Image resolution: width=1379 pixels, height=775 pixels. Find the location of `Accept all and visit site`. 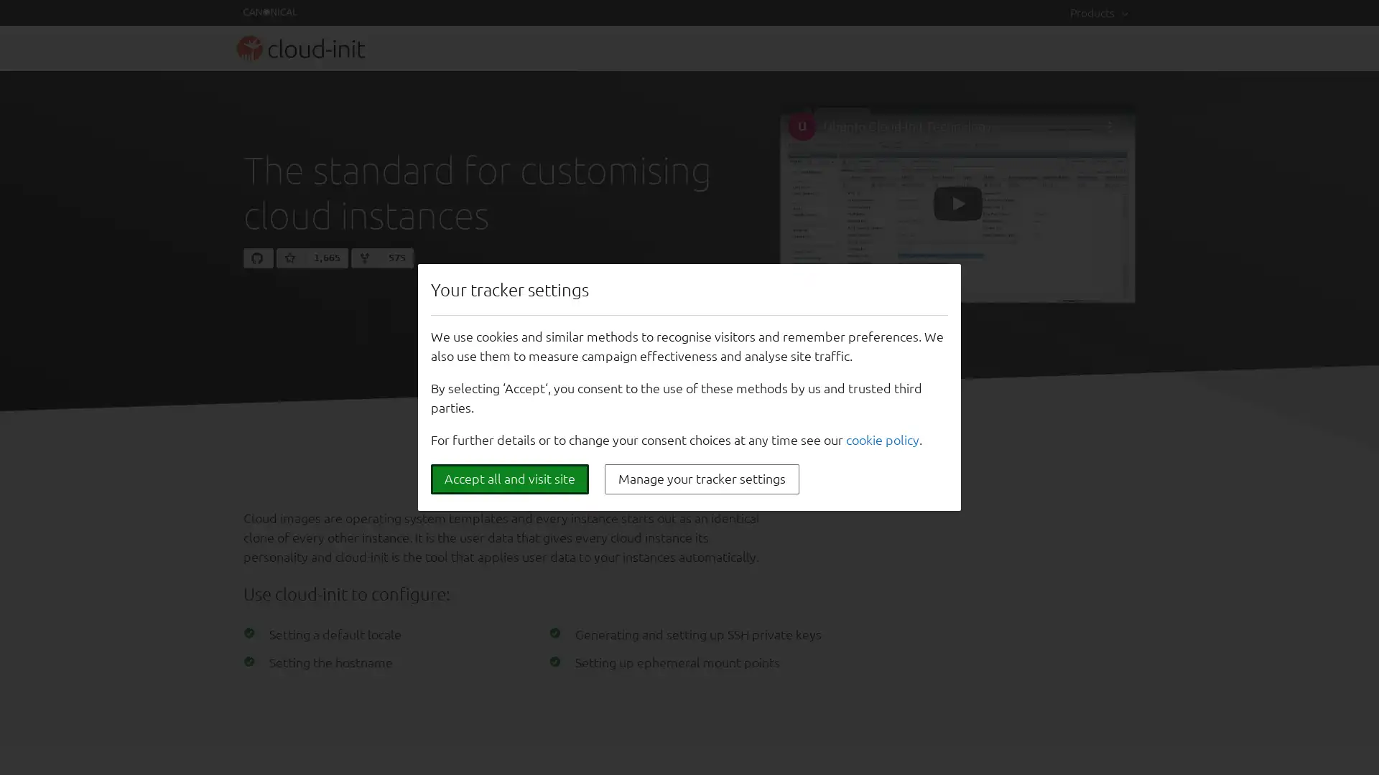

Accept all and visit site is located at coordinates (510, 479).